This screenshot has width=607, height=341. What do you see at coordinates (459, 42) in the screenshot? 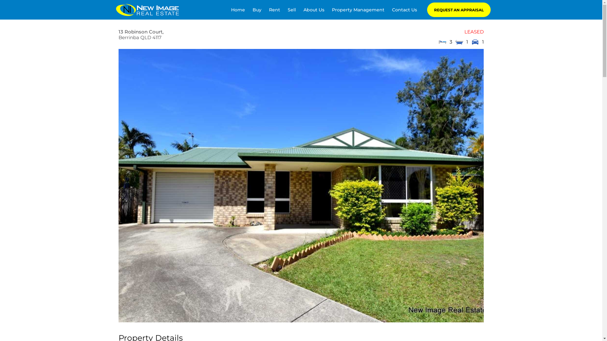
I see `'Bathrooms'` at bounding box center [459, 42].